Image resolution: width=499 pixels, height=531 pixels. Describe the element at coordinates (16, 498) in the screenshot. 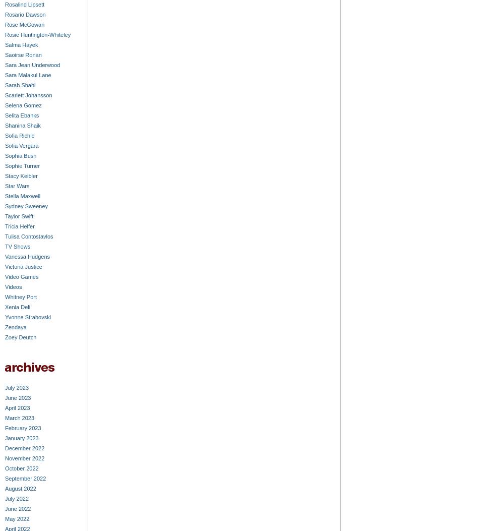

I see `'July 2022'` at that location.